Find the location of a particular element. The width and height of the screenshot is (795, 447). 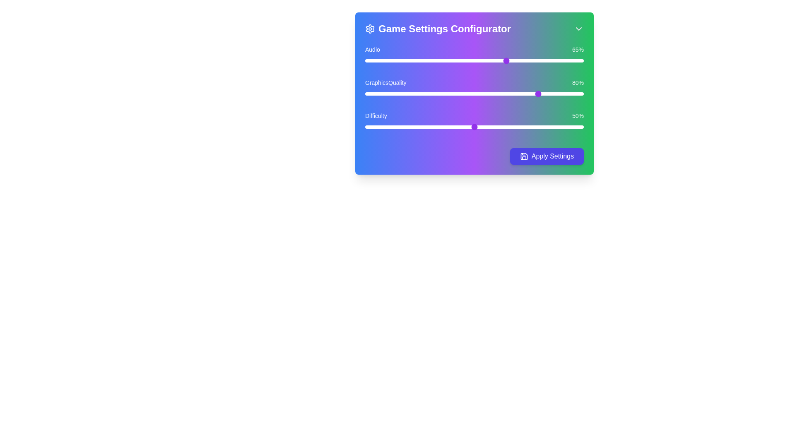

the save icon located within the 'Apply Settings' button, which is styled with a thin outline and modern minimalist design is located at coordinates (523, 156).